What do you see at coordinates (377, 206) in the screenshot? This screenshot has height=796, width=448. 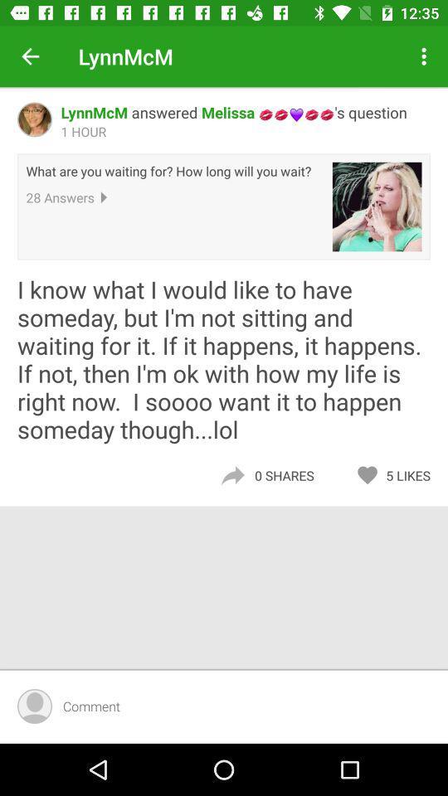 I see `icon next to what are you` at bounding box center [377, 206].